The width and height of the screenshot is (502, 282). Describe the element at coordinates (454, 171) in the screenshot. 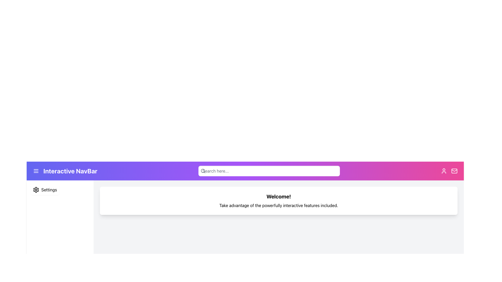

I see `the second interactive icon on the right end of the navigation bar` at that location.